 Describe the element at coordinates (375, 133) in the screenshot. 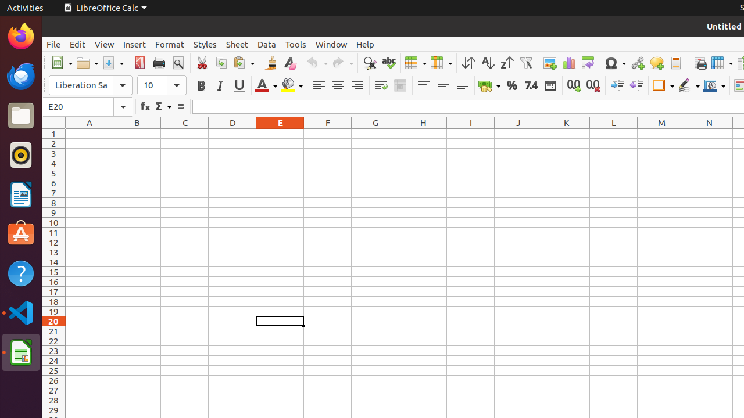

I see `'G1'` at that location.